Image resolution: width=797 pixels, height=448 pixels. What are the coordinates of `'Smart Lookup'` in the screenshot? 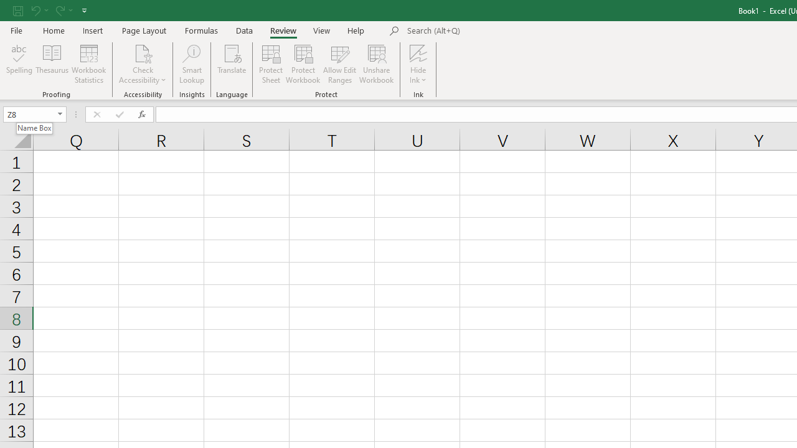 It's located at (191, 64).